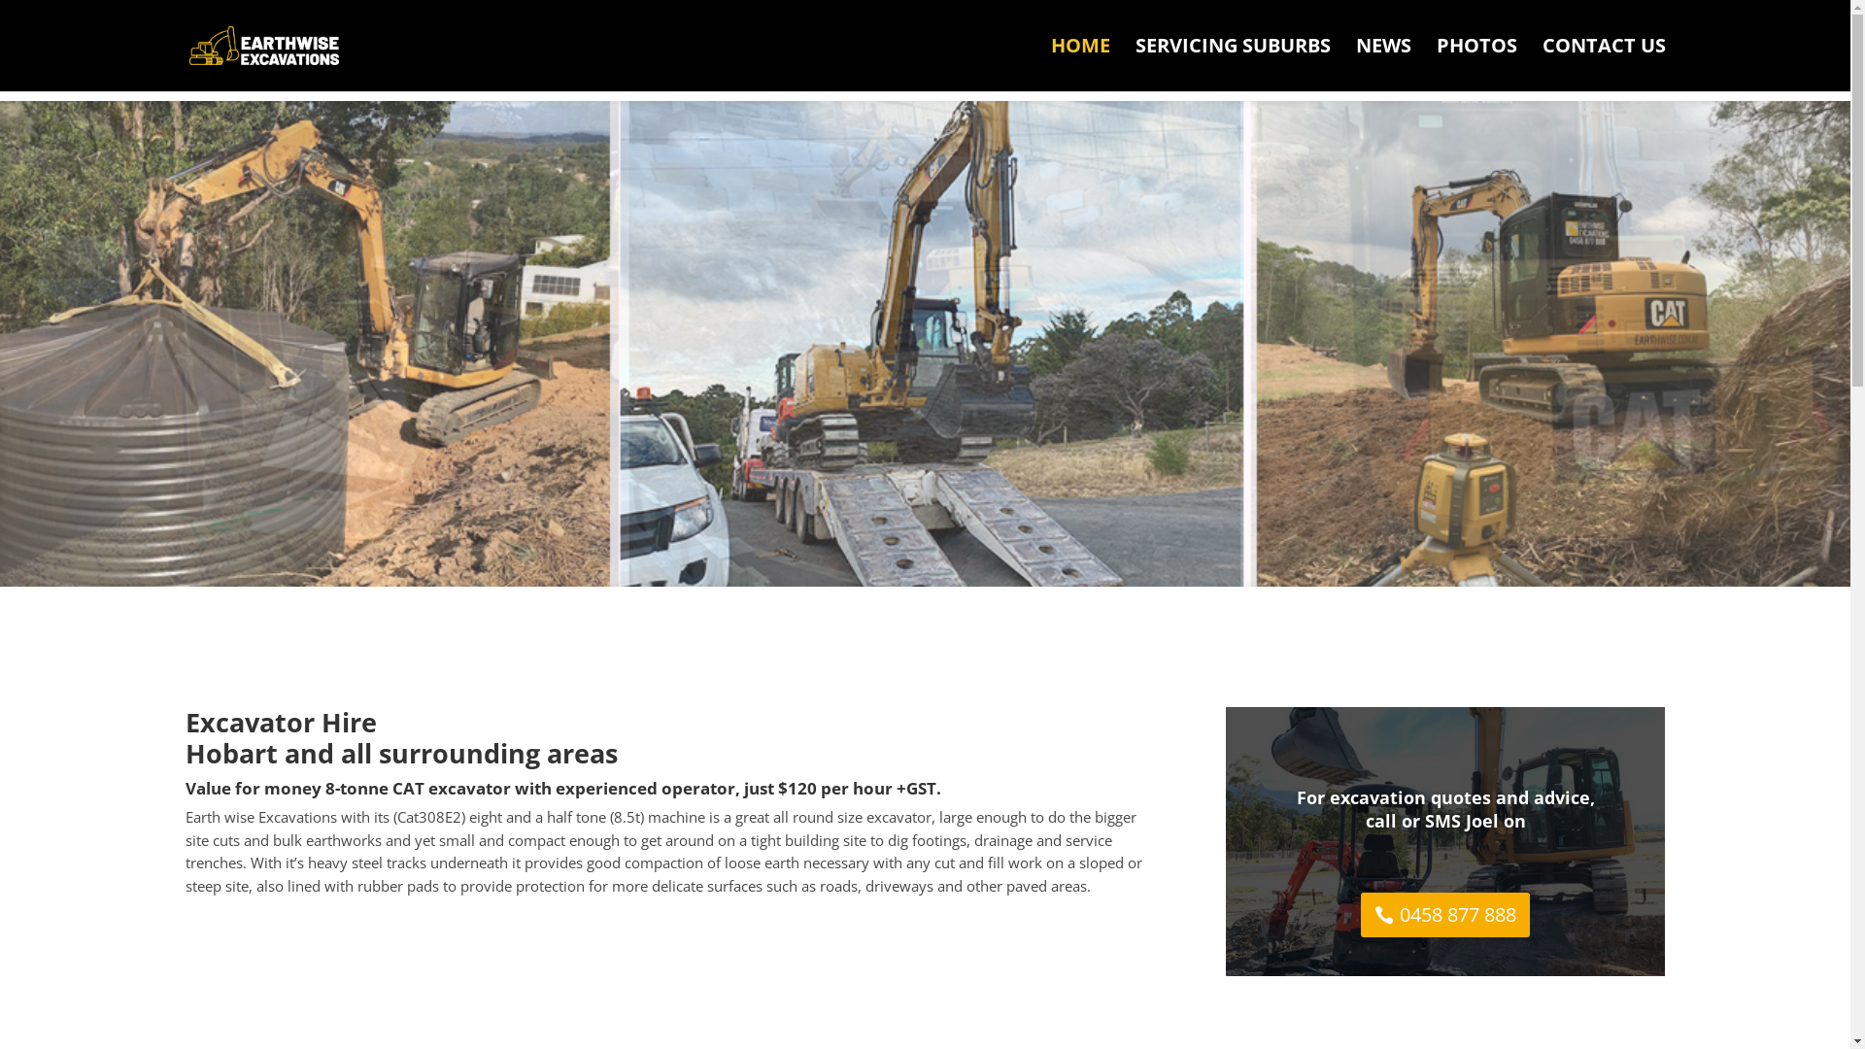  I want to click on 'NEWS', so click(1382, 62).